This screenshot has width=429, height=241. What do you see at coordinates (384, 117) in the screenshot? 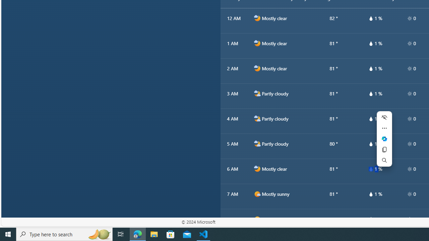
I see `'Hide menu'` at bounding box center [384, 117].